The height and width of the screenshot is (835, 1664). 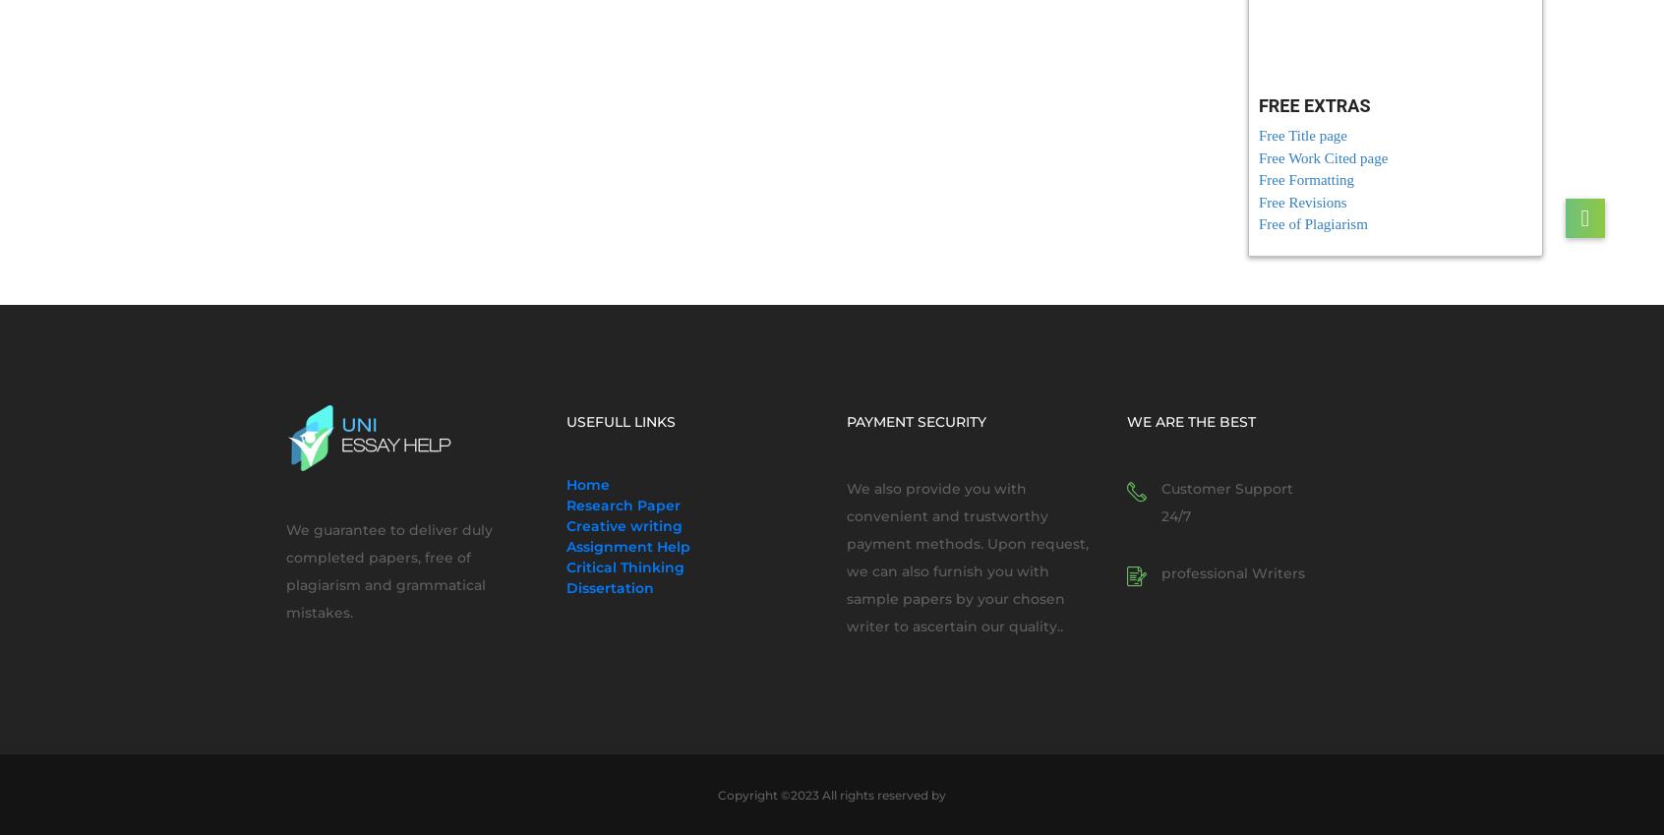 I want to click on 'We are the best', so click(x=1125, y=420).